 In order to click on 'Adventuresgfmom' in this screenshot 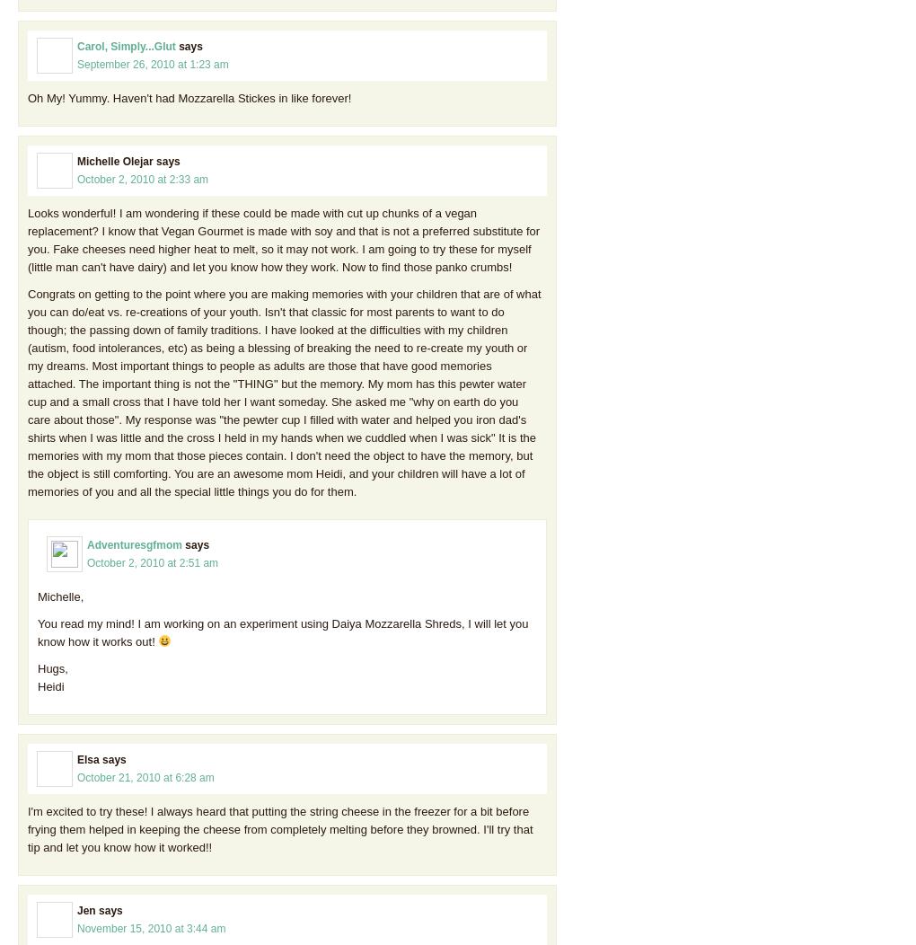, I will do `click(135, 543)`.